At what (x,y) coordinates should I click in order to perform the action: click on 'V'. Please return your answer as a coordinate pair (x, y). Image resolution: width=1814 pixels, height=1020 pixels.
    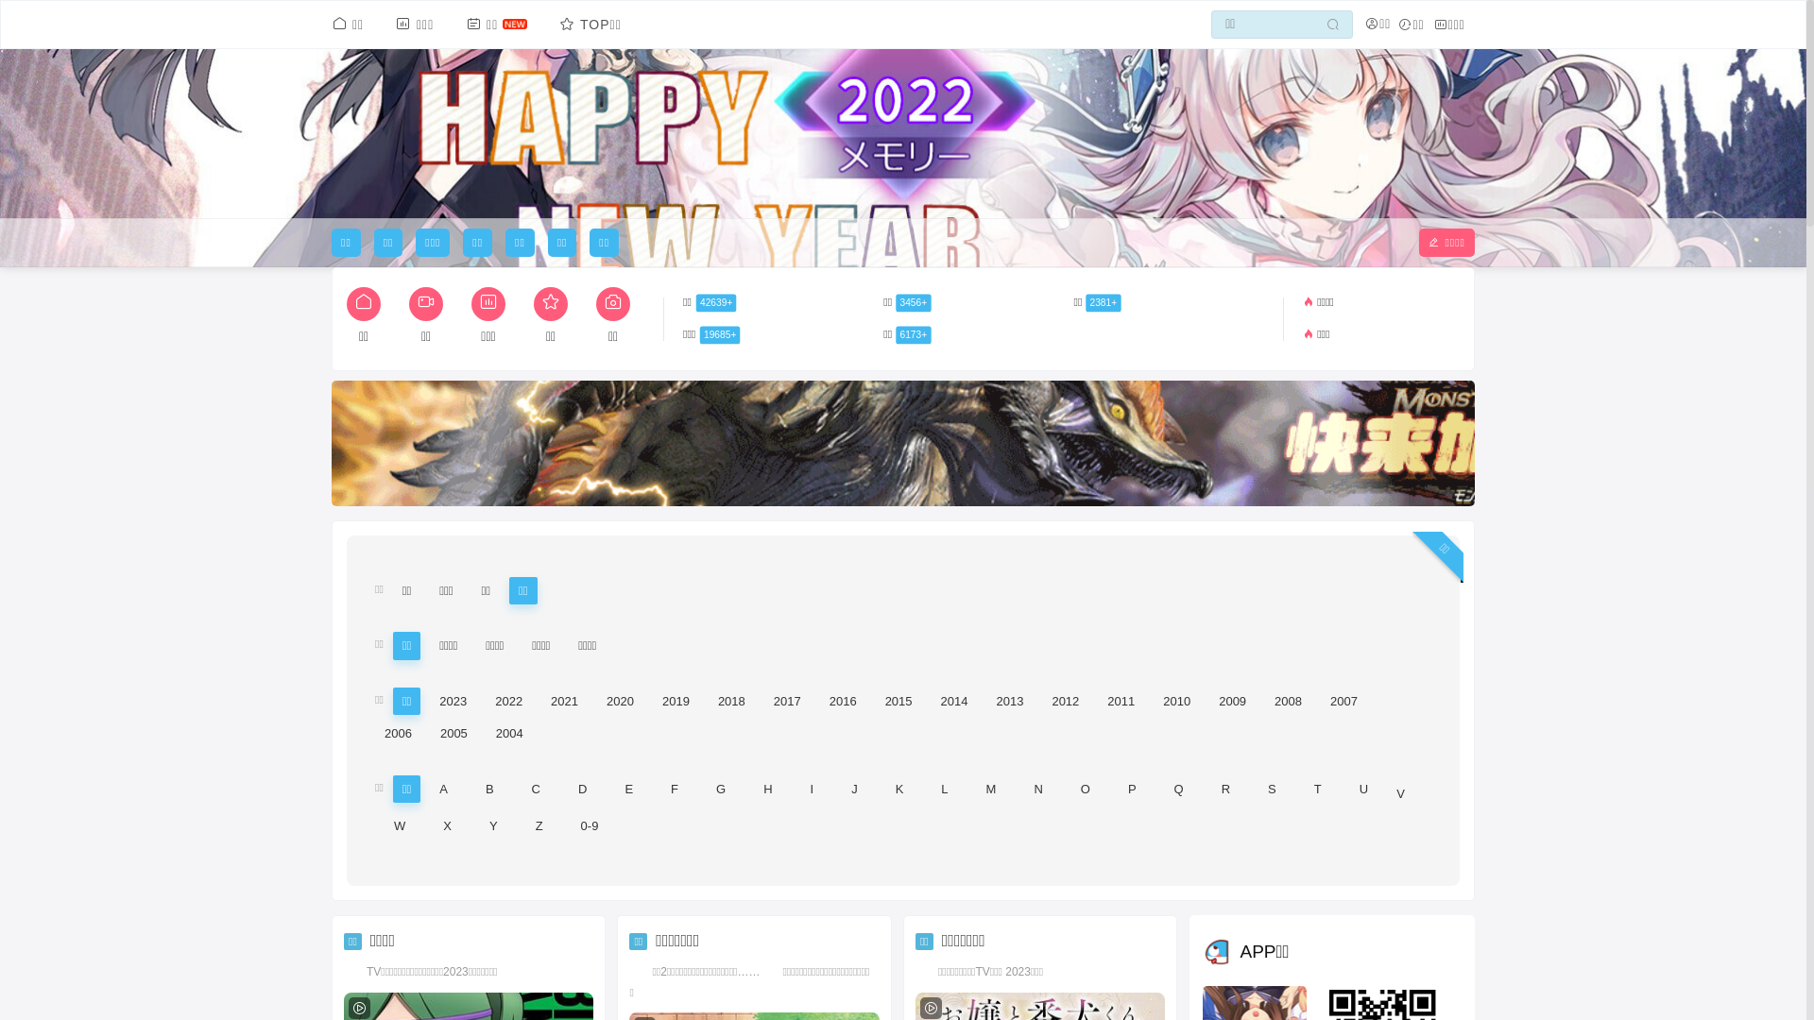
    Looking at the image, I should click on (1400, 793).